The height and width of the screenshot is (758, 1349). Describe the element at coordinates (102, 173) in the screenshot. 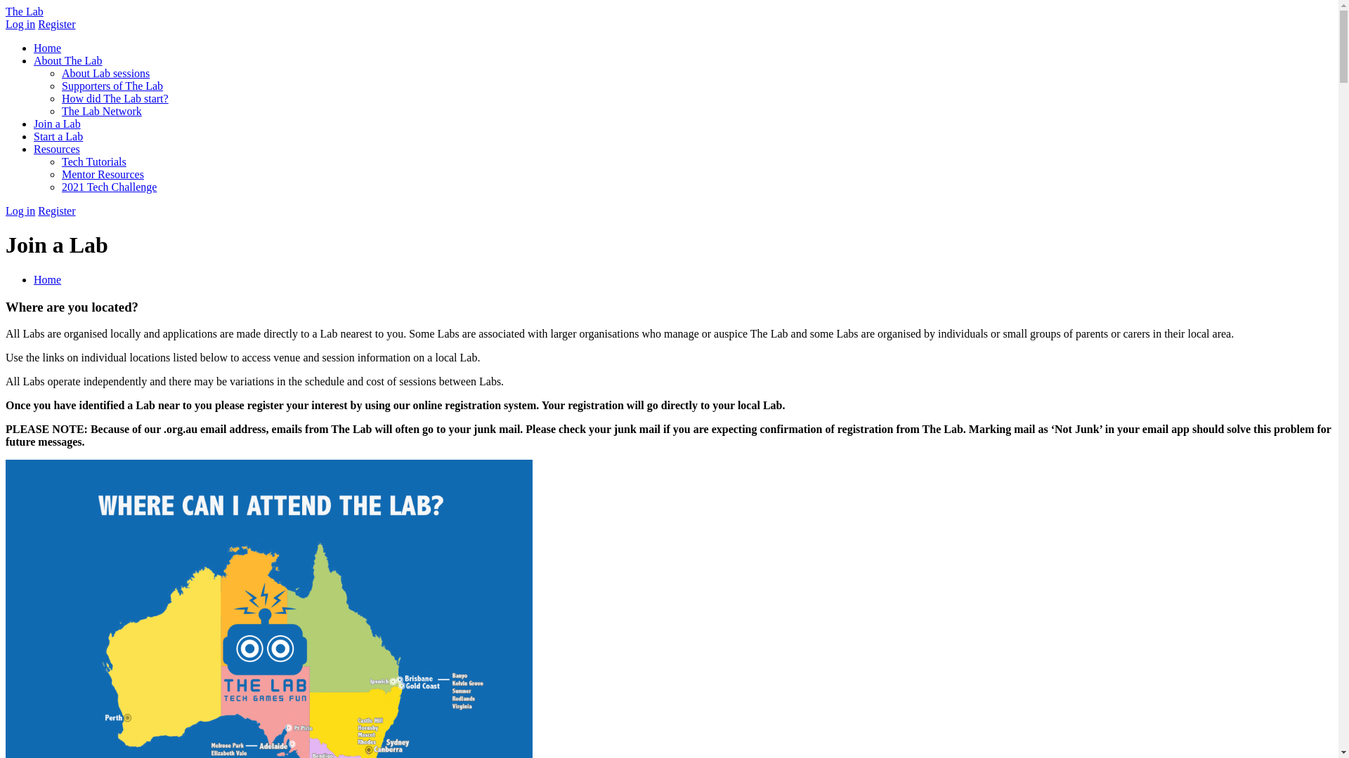

I see `'Mentor Resources'` at that location.